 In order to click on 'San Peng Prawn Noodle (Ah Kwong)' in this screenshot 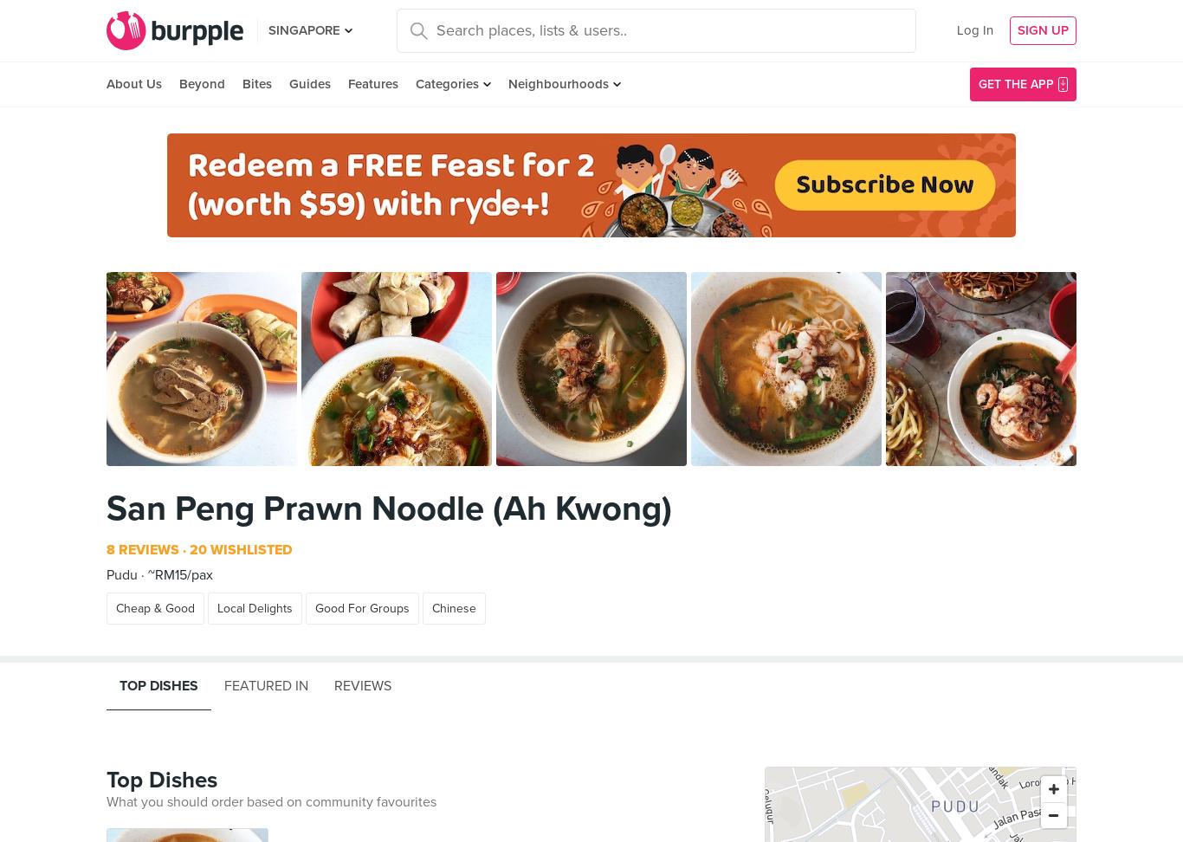, I will do `click(388, 507)`.